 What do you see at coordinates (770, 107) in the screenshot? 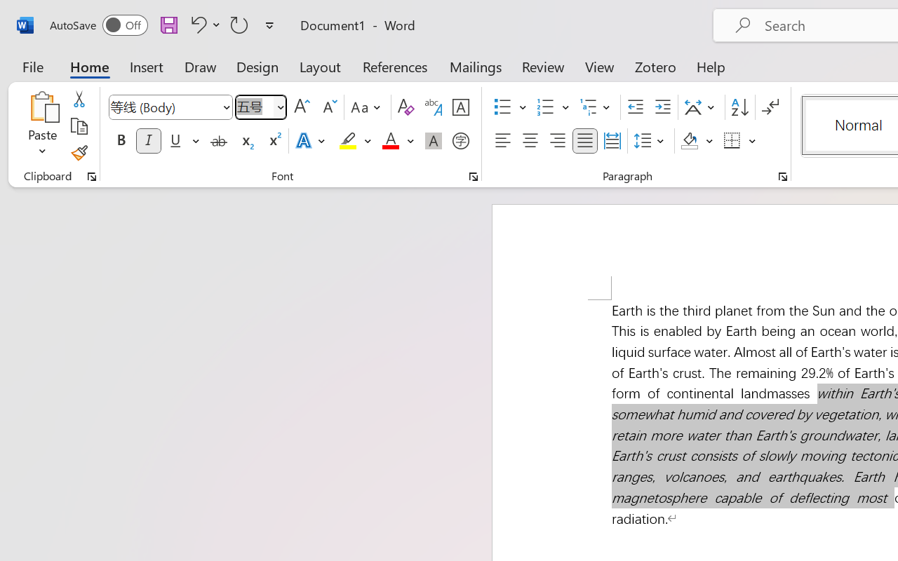
I see `'Show/Hide Editing Marks'` at bounding box center [770, 107].